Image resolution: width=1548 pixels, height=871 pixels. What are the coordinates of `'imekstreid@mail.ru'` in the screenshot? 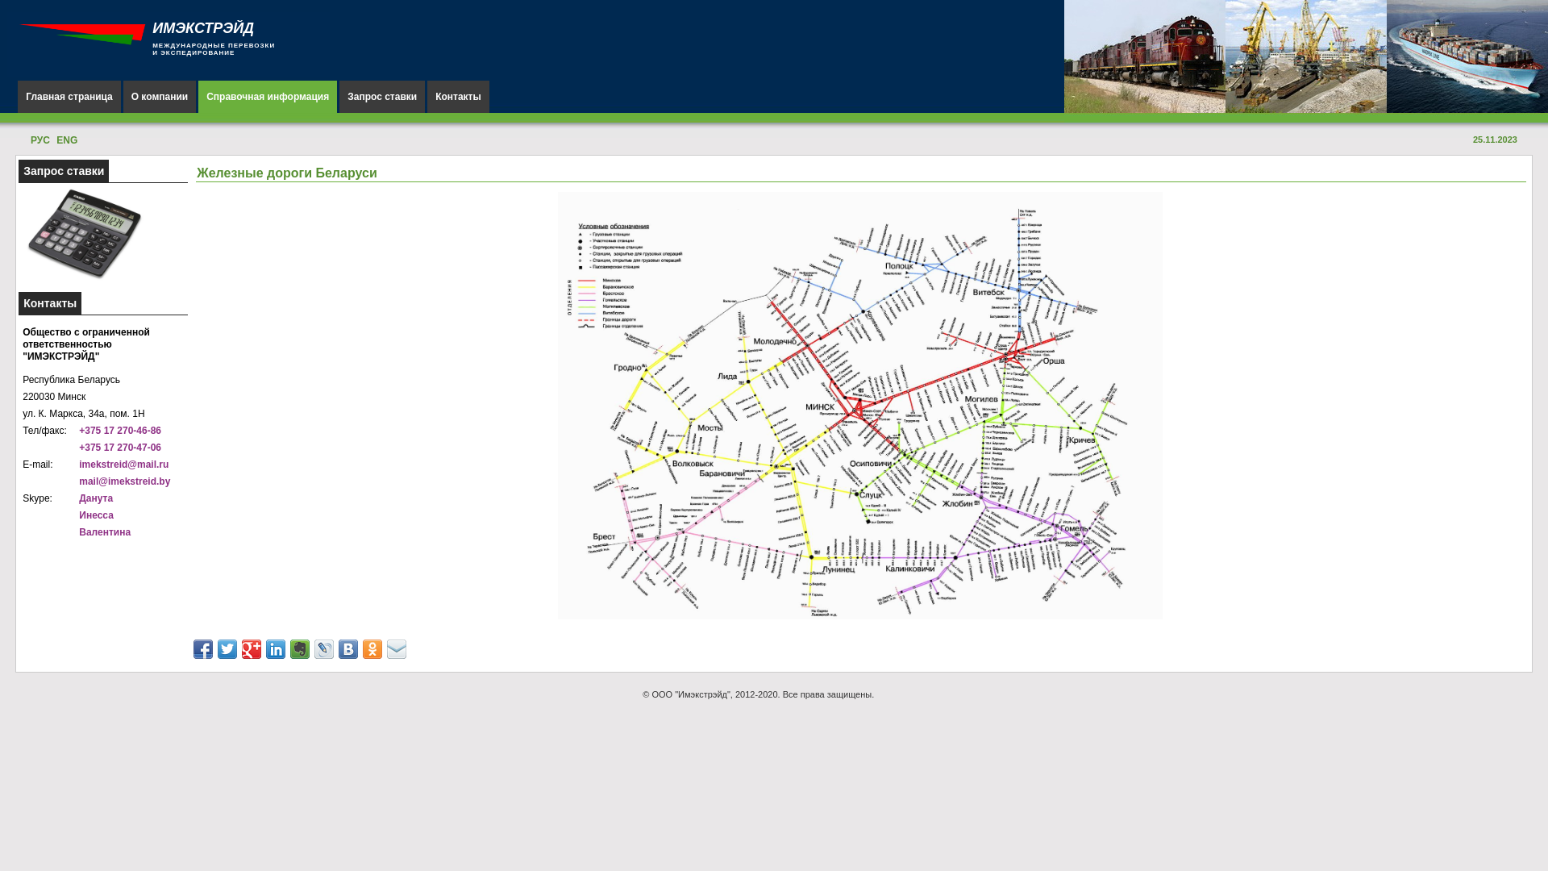 It's located at (77, 464).